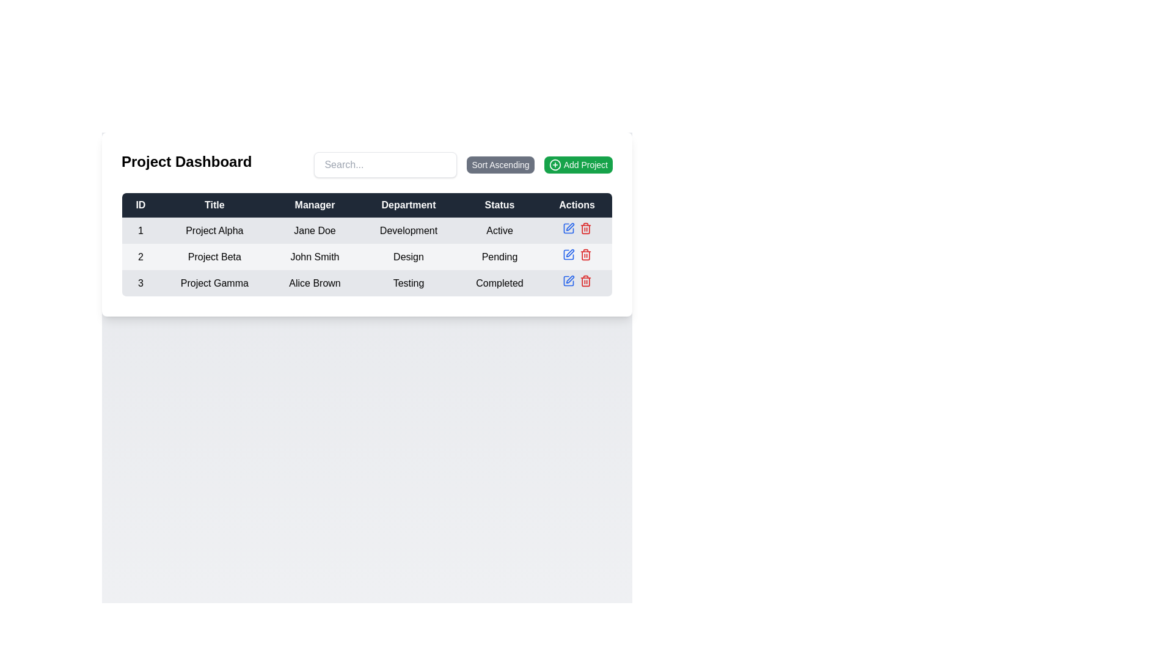 This screenshot has height=660, width=1173. I want to click on the edit icon located in the 'Actions' column of the table row labeled '3 Project Gamma Alice Brown Testing Completed', which is aligned at the far right of the row next to the 'Completed' status, so click(576, 283).